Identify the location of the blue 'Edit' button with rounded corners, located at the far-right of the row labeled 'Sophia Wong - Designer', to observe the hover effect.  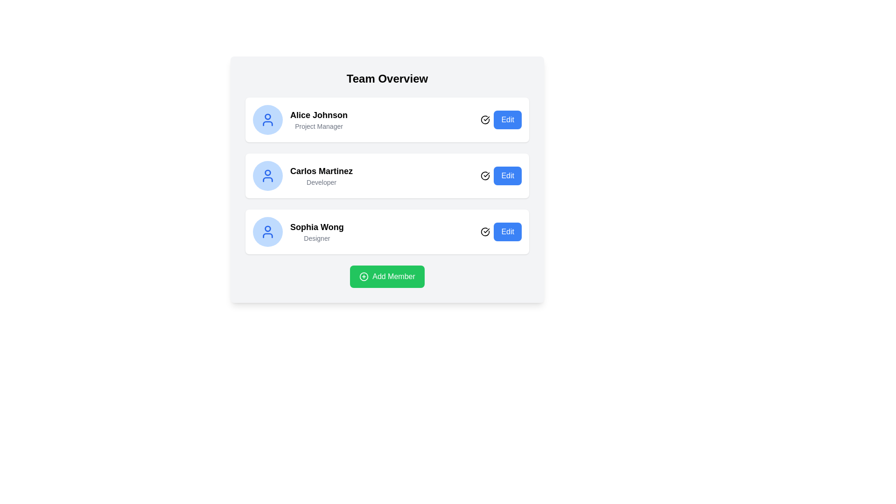
(507, 231).